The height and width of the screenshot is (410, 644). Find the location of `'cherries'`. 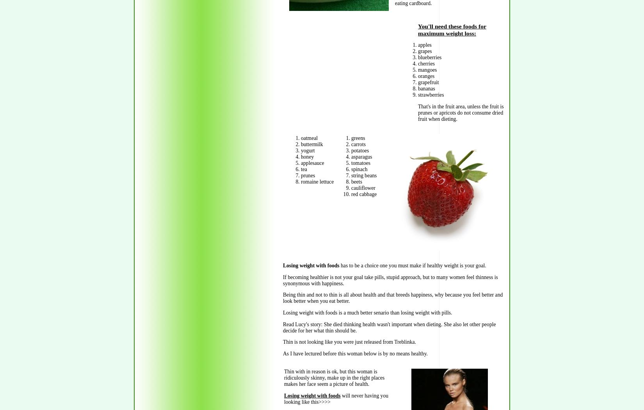

'cherries' is located at coordinates (418, 63).